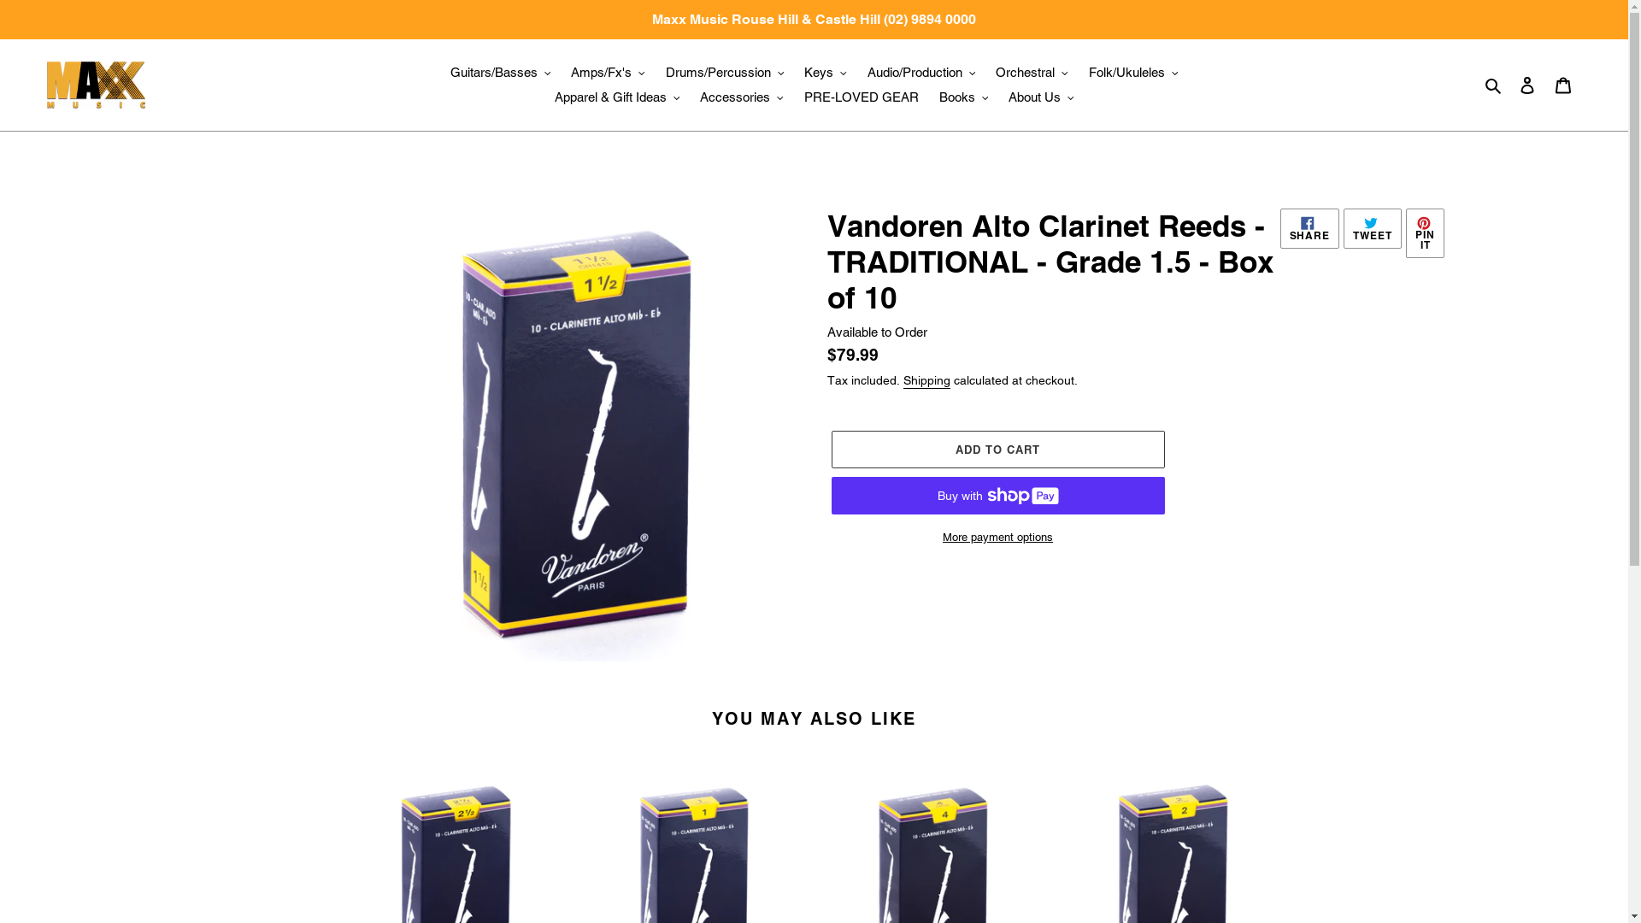  I want to click on 'Guitars/Basses', so click(499, 72).